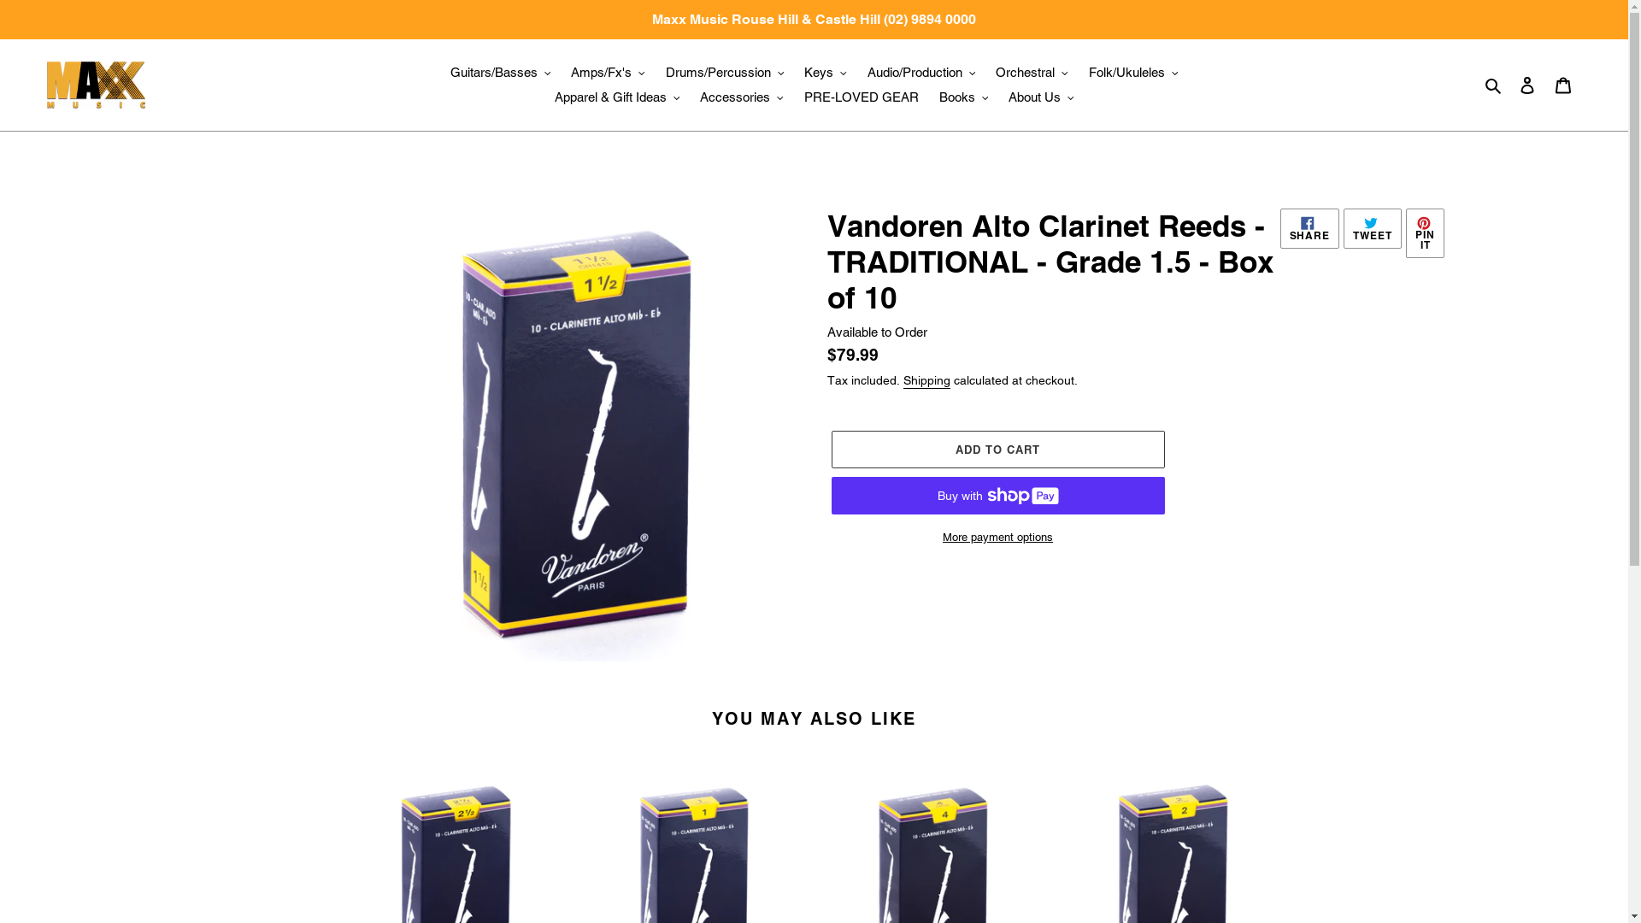  I want to click on 'Guitars/Basses', so click(499, 72).